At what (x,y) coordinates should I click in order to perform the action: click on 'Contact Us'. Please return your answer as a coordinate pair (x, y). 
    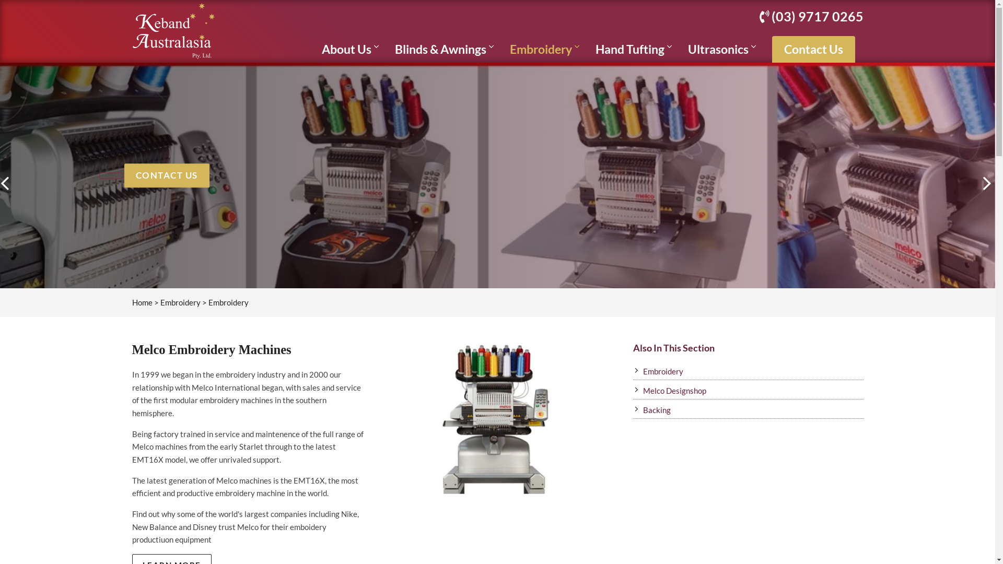
    Looking at the image, I should click on (813, 49).